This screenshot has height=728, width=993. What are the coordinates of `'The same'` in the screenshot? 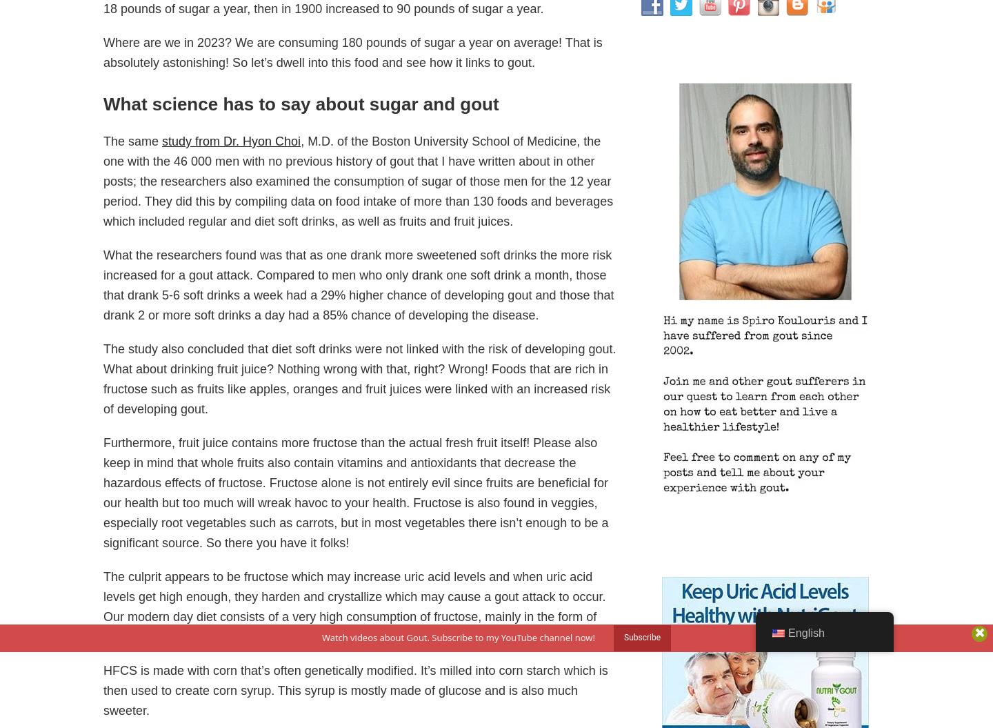 It's located at (132, 140).